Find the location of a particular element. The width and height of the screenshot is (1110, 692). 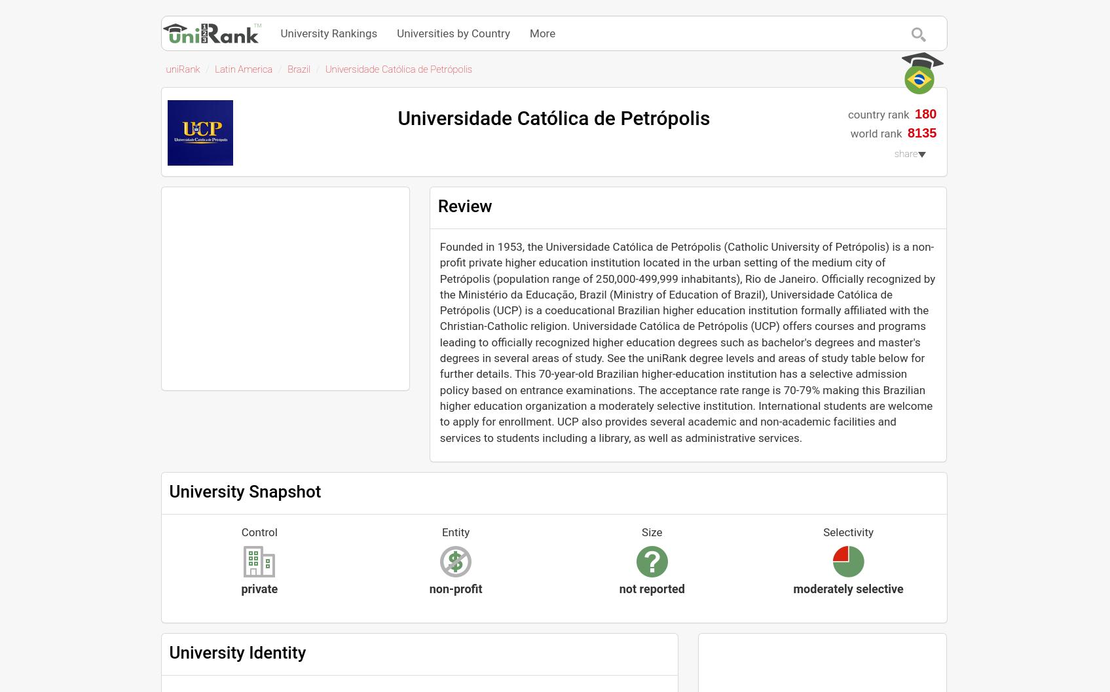

'Size' is located at coordinates (641, 531).